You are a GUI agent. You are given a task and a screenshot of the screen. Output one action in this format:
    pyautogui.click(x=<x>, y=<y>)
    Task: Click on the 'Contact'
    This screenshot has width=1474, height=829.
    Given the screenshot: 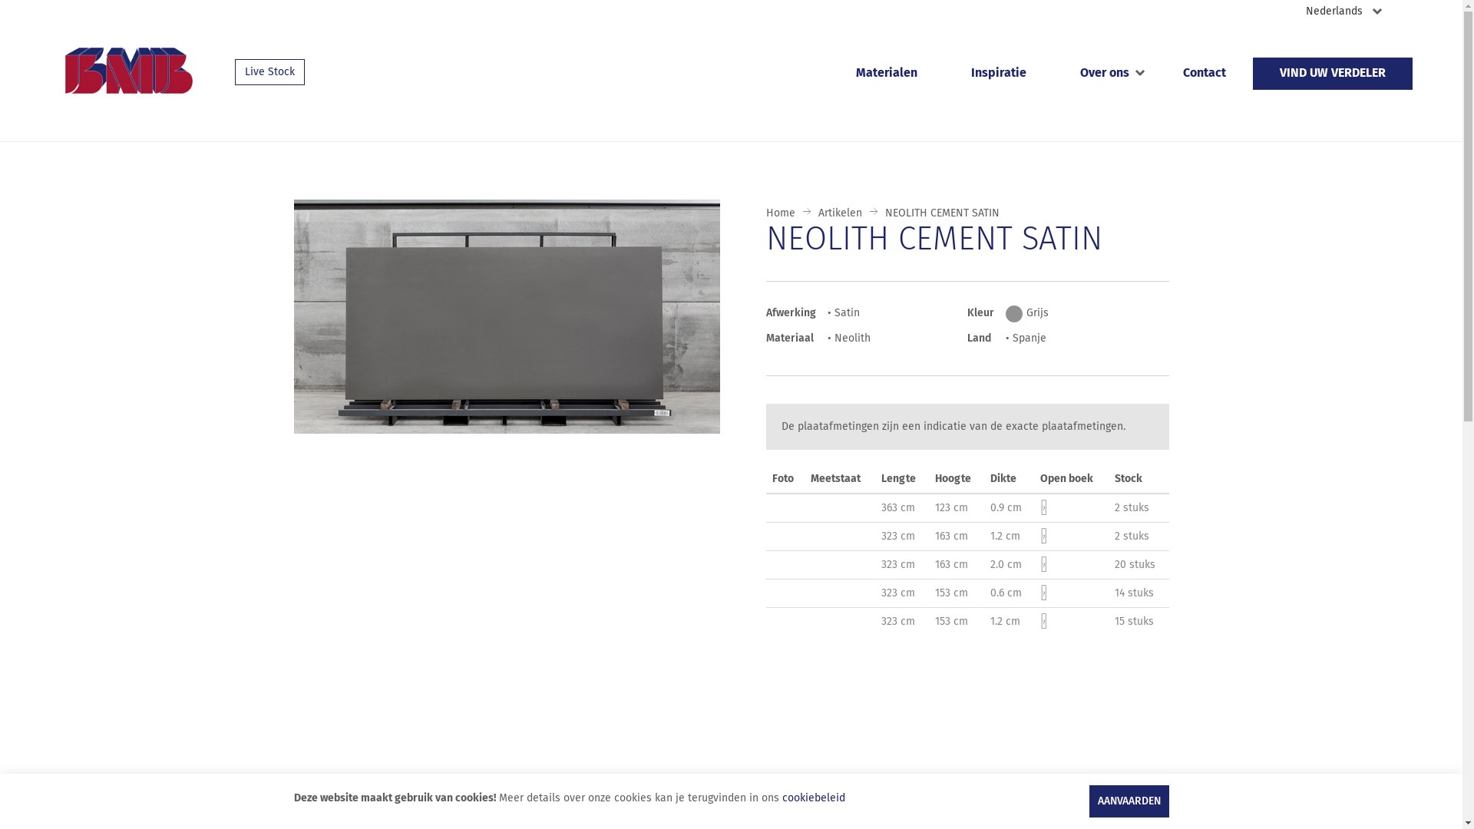 What is the action you would take?
    pyautogui.click(x=1204, y=74)
    